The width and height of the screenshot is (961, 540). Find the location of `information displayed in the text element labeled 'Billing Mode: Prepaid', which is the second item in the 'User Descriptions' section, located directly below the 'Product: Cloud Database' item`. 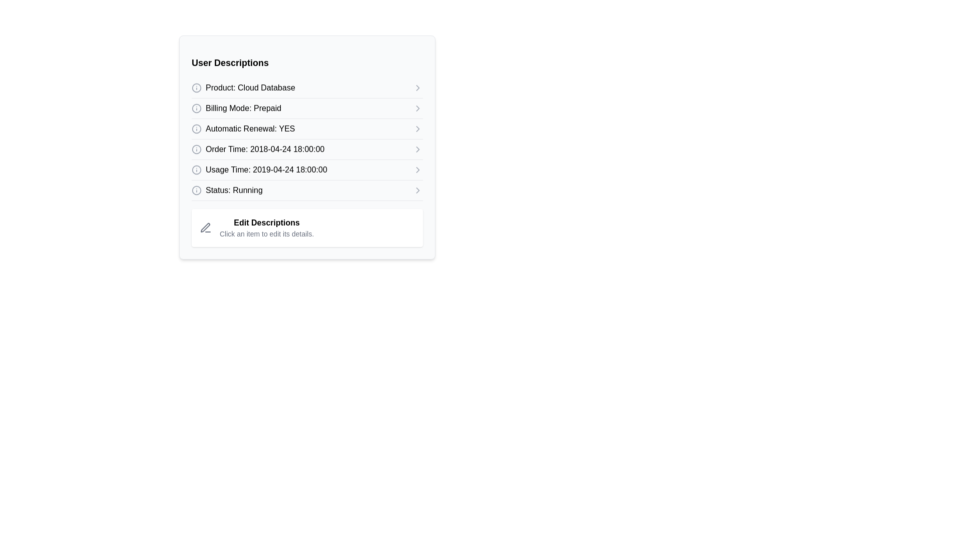

information displayed in the text element labeled 'Billing Mode: Prepaid', which is the second item in the 'User Descriptions' section, located directly below the 'Product: Cloud Database' item is located at coordinates (236, 108).